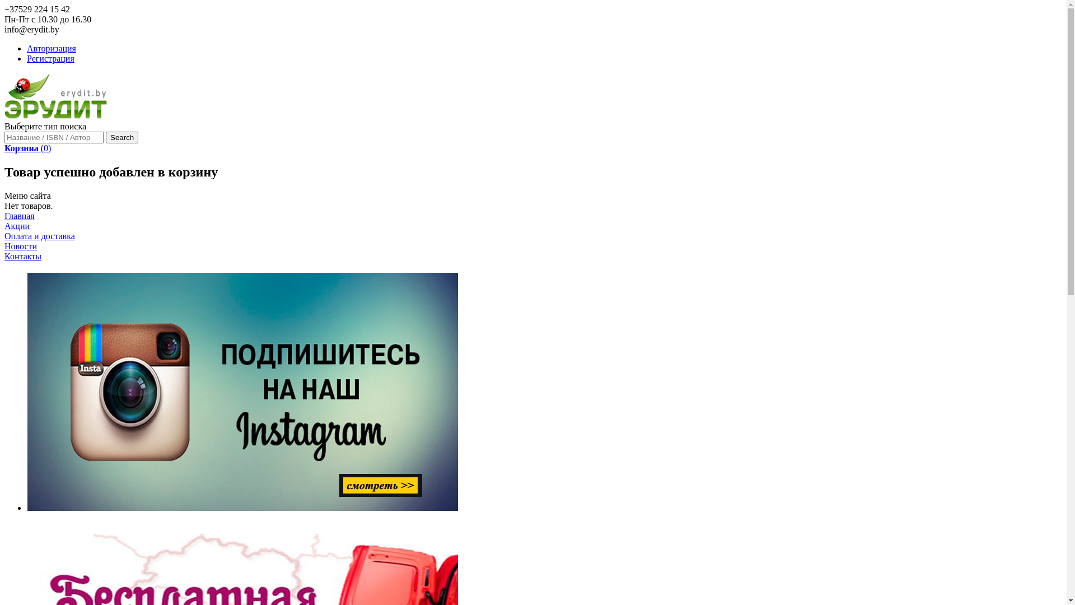 The height and width of the screenshot is (605, 1075). I want to click on 'Search', so click(121, 137).